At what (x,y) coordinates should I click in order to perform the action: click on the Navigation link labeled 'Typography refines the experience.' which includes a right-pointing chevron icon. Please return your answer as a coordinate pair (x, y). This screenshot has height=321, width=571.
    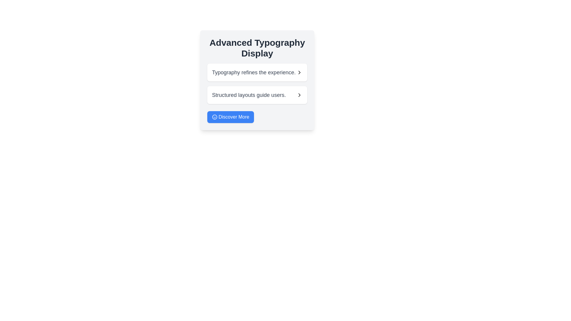
    Looking at the image, I should click on (257, 72).